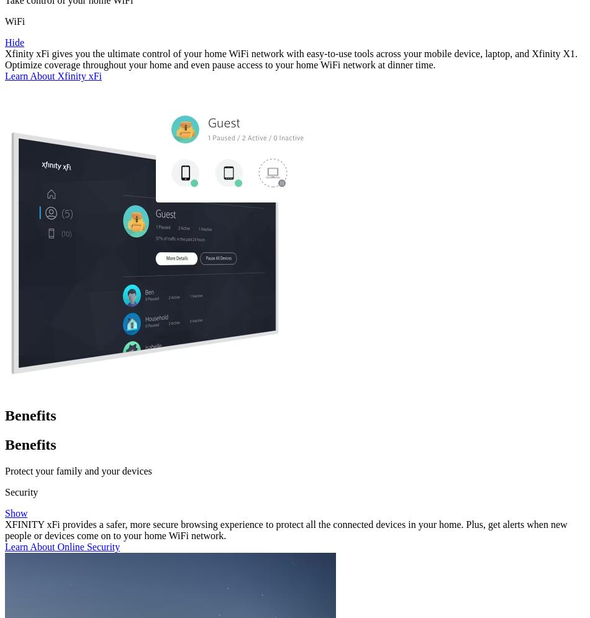 Image resolution: width=590 pixels, height=618 pixels. I want to click on 'Learn About Xfinity xFi', so click(53, 75).